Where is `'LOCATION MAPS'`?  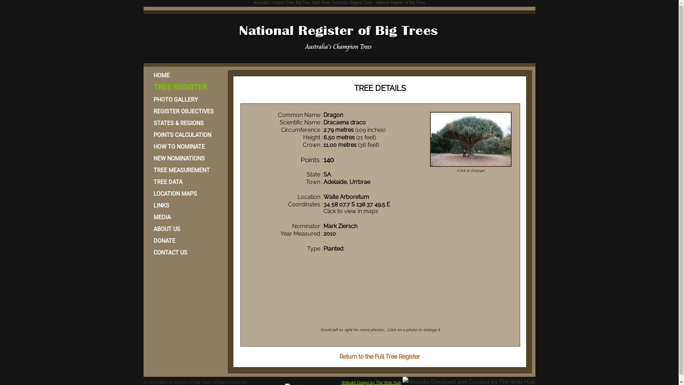
'LOCATION MAPS' is located at coordinates (185, 194).